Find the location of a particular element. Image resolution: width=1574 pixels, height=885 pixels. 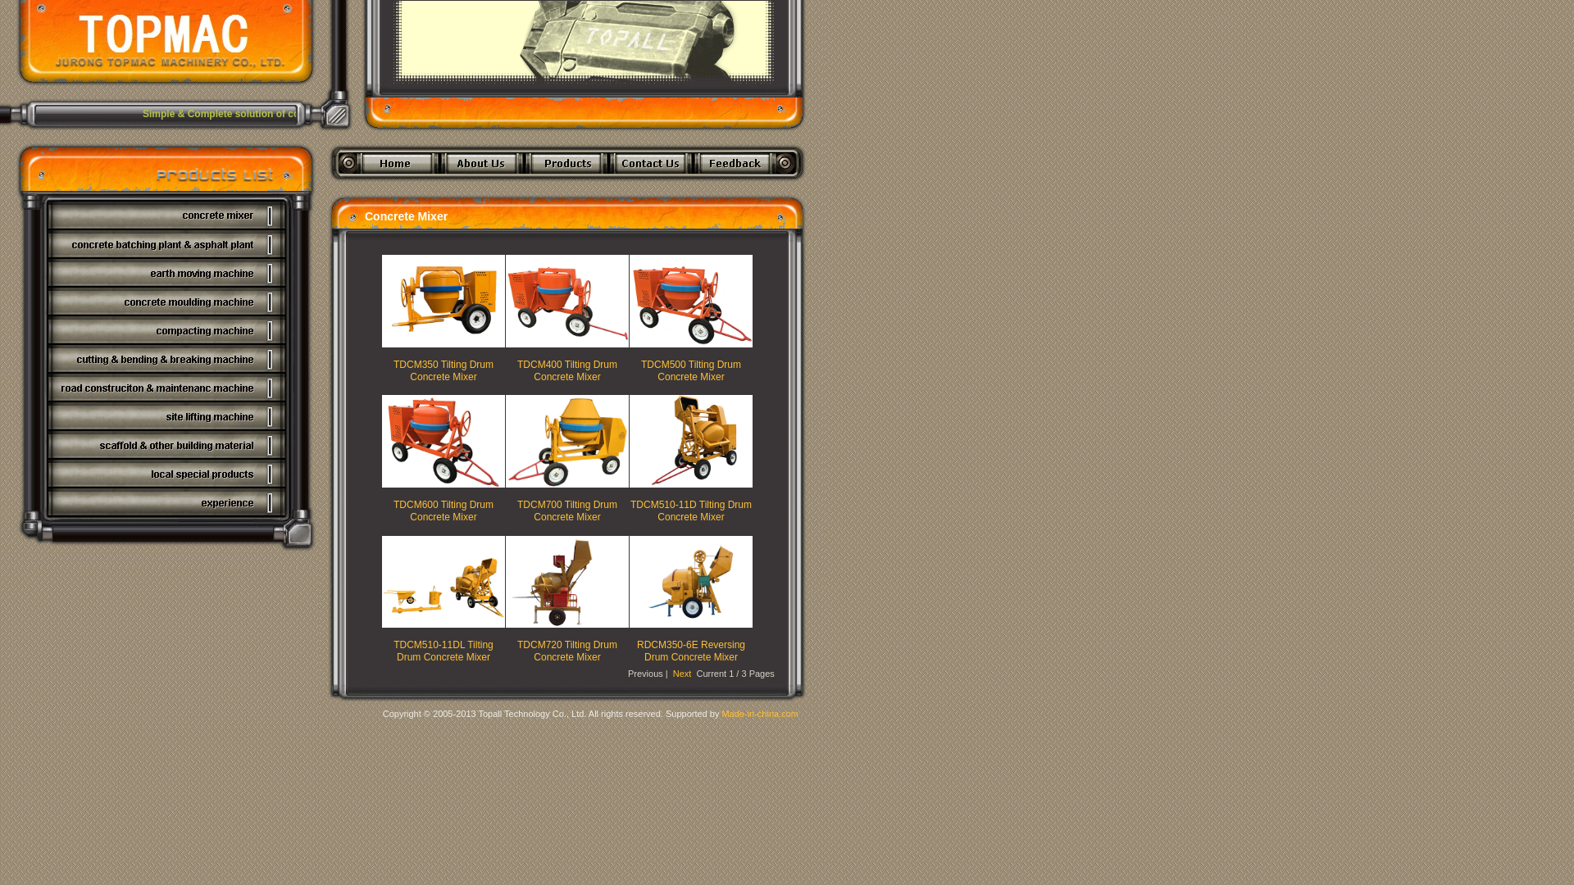

'ralph lauren polo' is located at coordinates (1254, 188).